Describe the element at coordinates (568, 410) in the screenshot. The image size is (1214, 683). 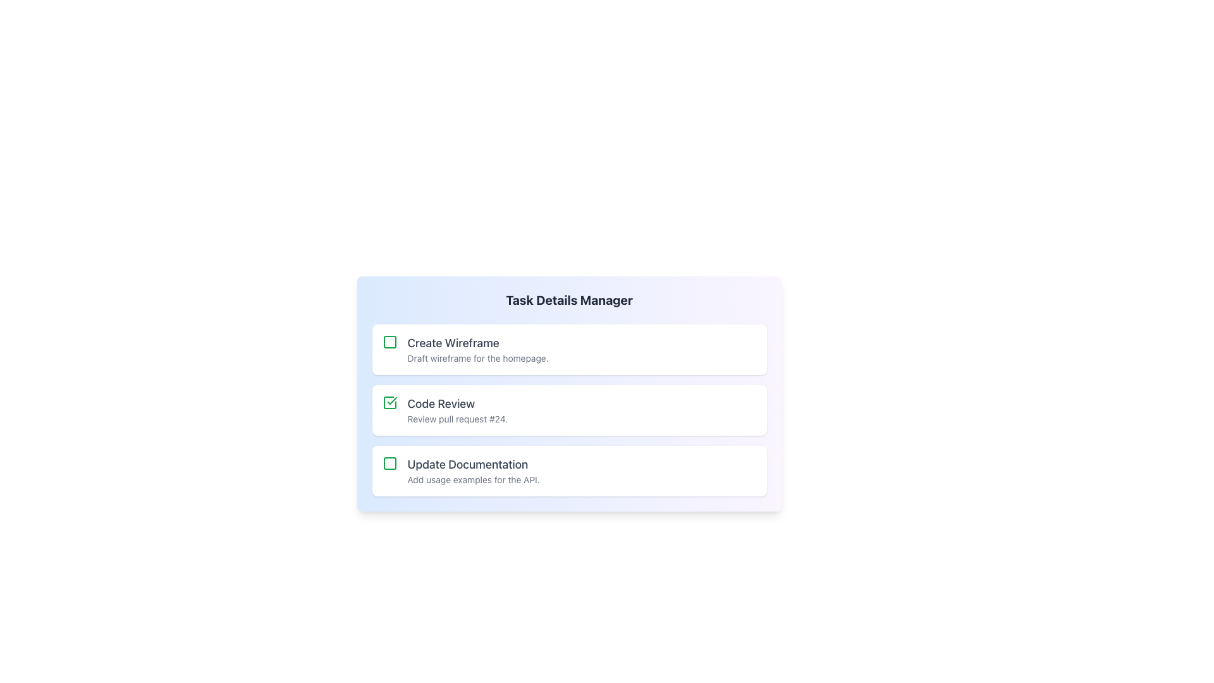
I see `the Informational card labeled 'Code Review' that indicates task completion with a green checkmark, positioned in the second place in a vertical stack of three cards` at that location.